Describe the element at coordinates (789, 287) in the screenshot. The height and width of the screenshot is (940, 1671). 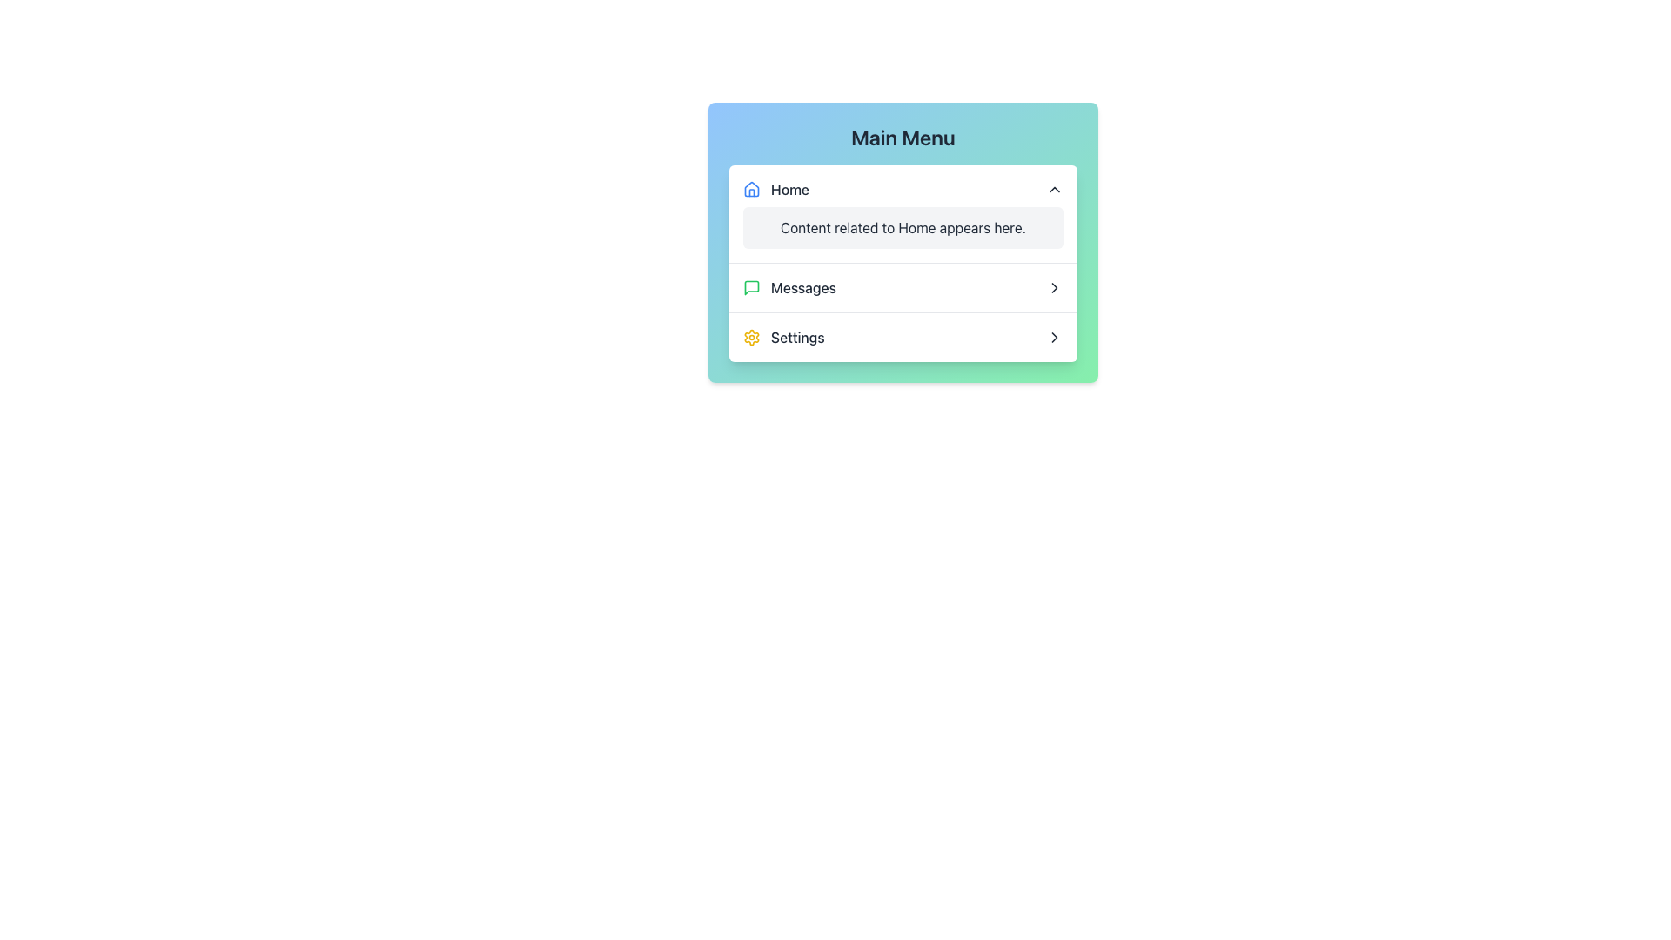
I see `the 'Messages' menu item located` at that location.